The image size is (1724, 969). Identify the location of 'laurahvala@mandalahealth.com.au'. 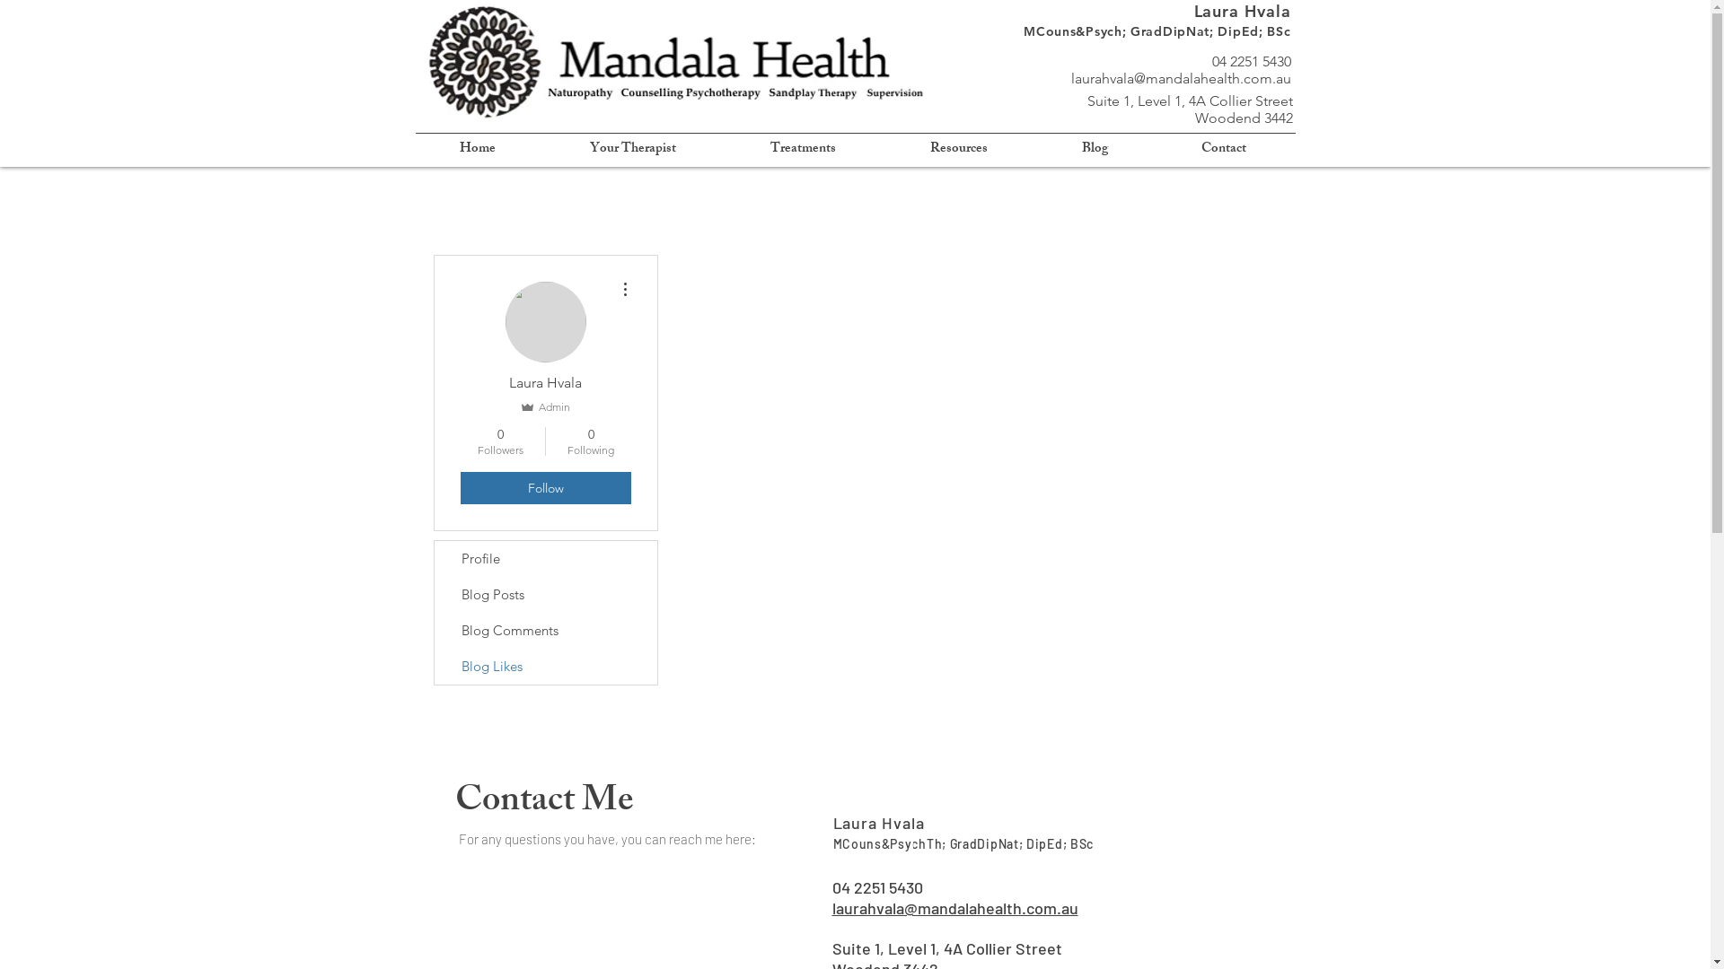
(831, 907).